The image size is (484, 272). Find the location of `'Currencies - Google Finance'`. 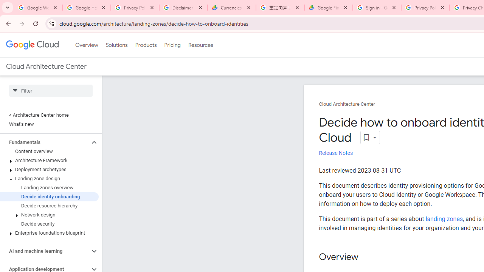

'Currencies - Google Finance' is located at coordinates (231, 8).